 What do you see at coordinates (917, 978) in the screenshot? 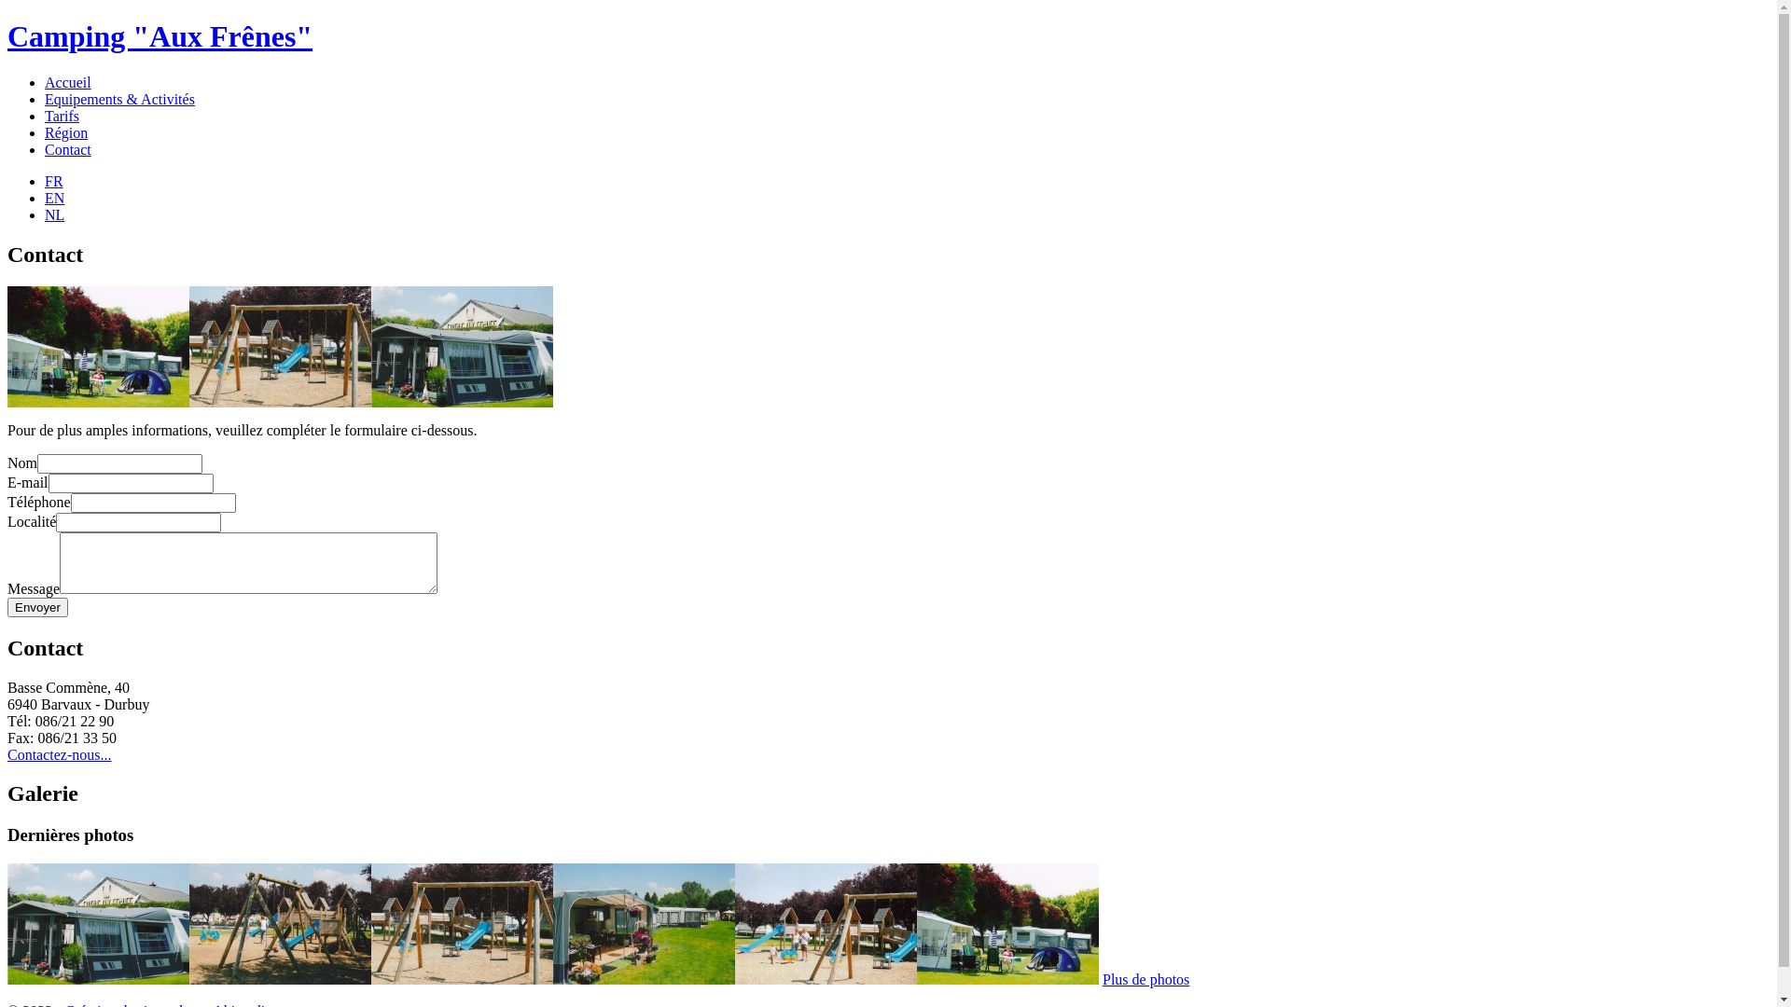
I see `'Aire de camping'` at bounding box center [917, 978].